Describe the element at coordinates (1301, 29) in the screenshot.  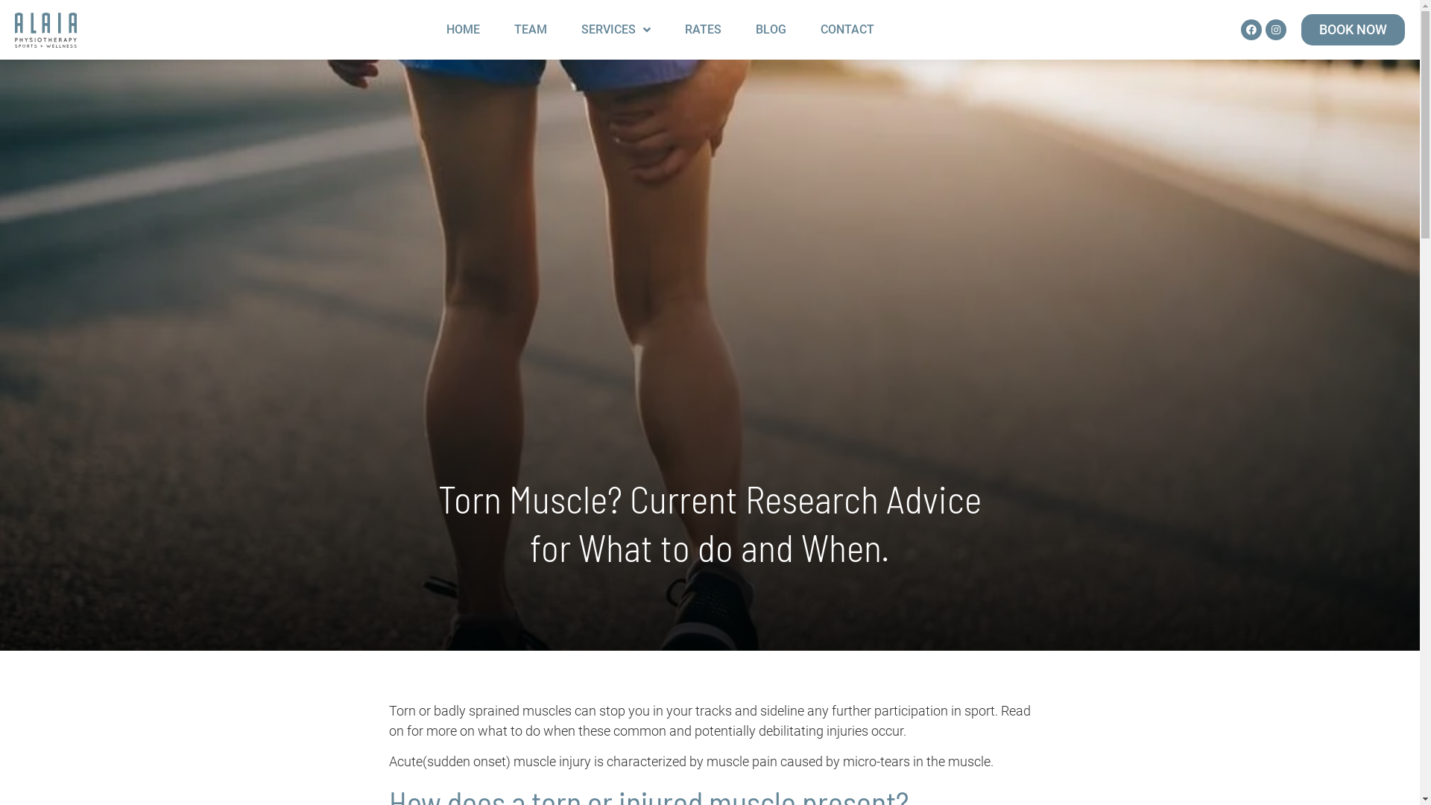
I see `'BOOK NOW'` at that location.